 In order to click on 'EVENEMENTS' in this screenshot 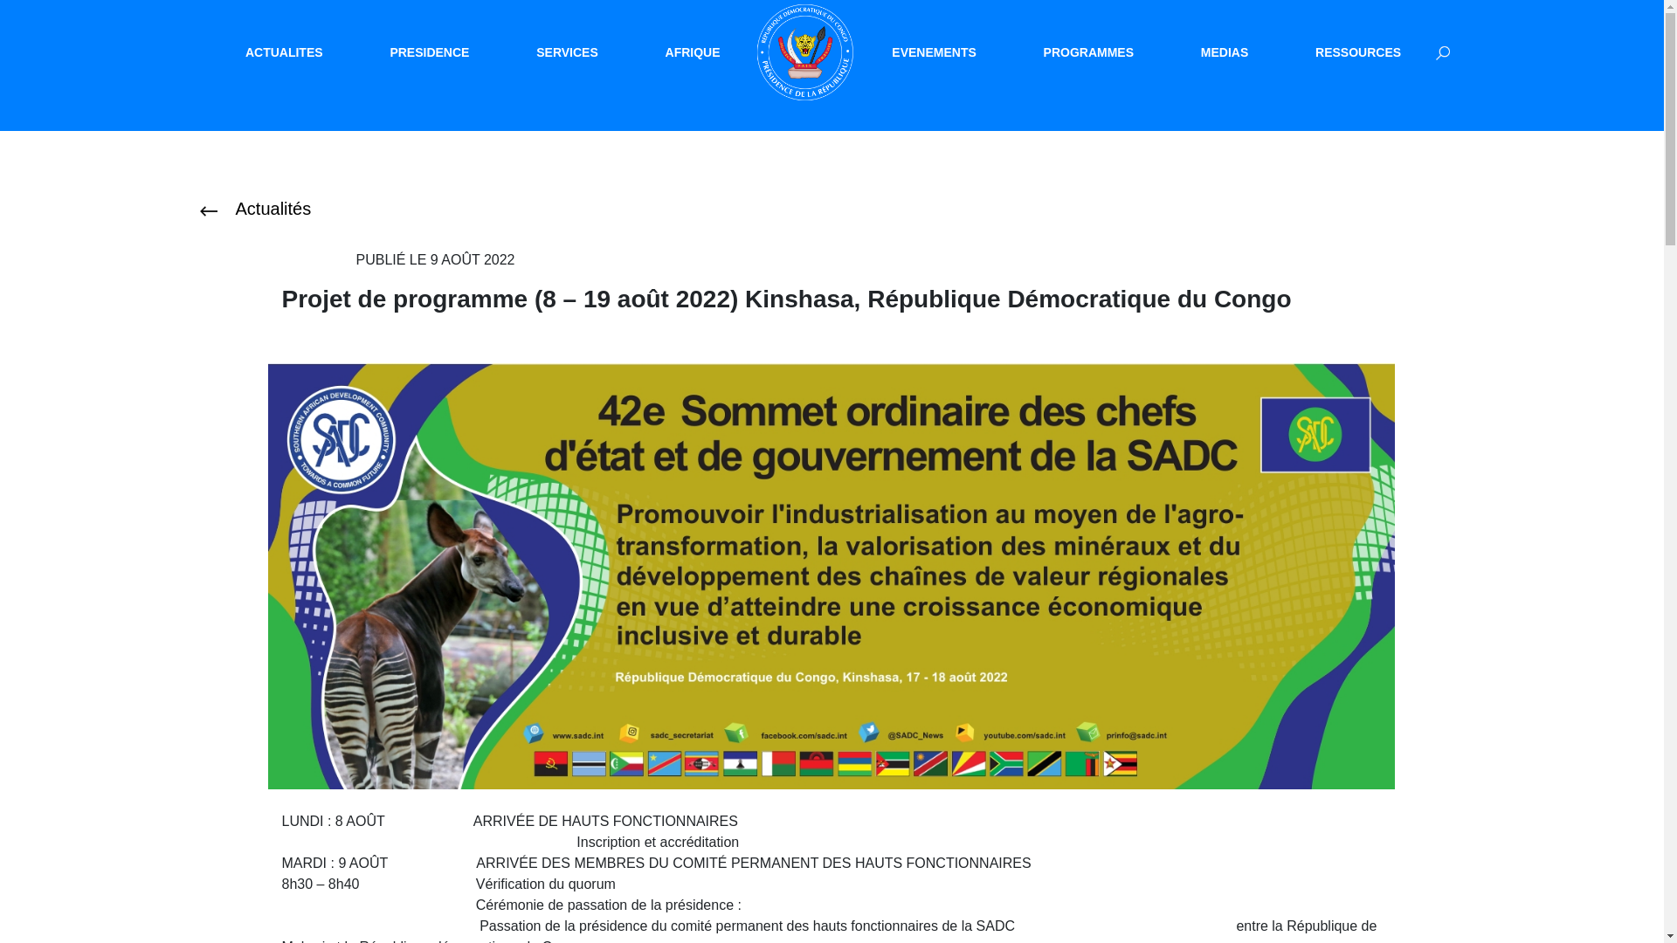, I will do `click(933, 52)`.